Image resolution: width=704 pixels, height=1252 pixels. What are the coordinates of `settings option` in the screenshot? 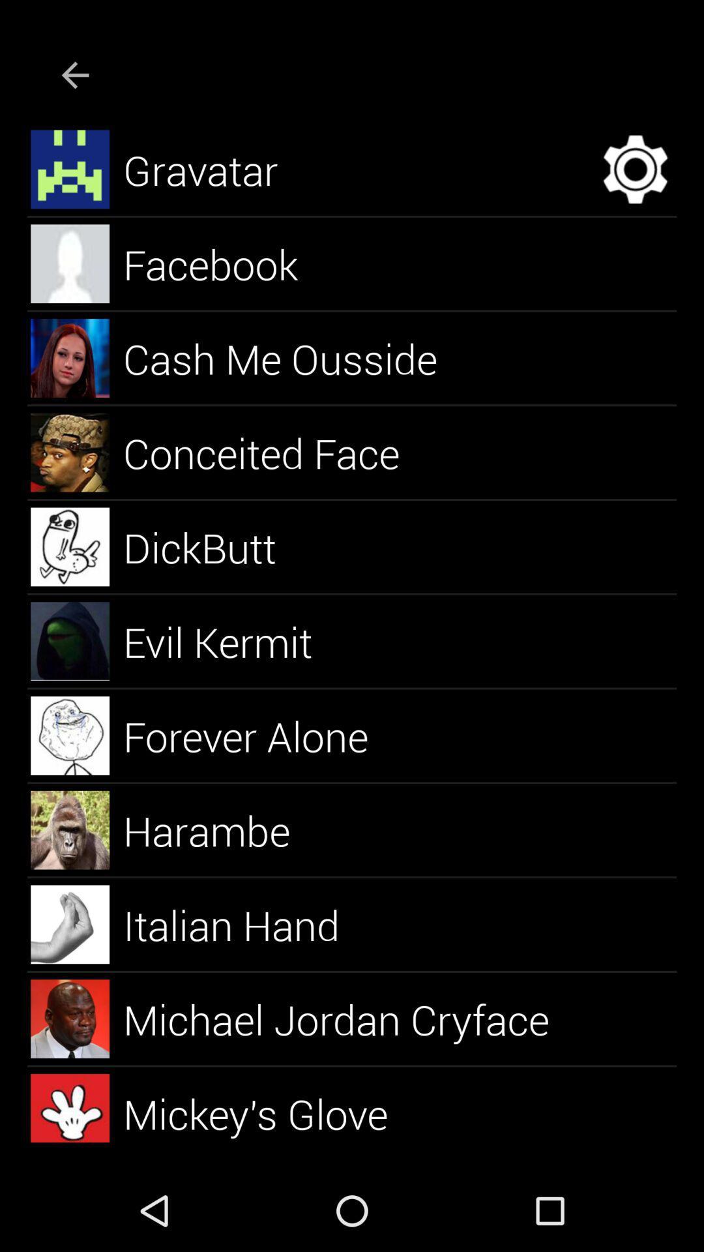 It's located at (635, 168).